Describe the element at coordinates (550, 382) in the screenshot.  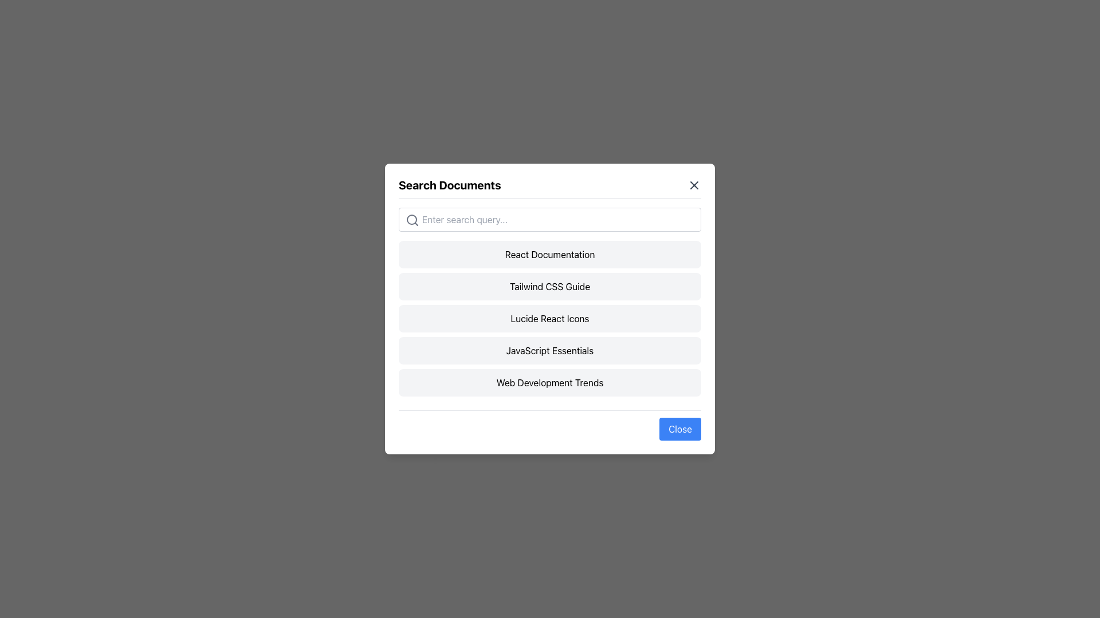
I see `the 'Web Development Trends' button, which is the last button in a vertical list within a modal dialog` at that location.